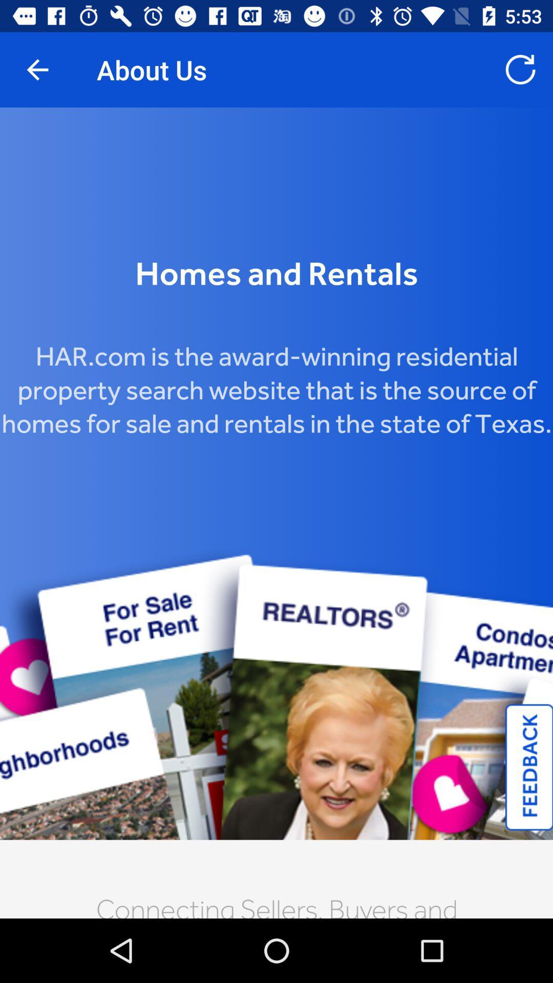  What do you see at coordinates (276, 513) in the screenshot?
I see `advardicement page` at bounding box center [276, 513].